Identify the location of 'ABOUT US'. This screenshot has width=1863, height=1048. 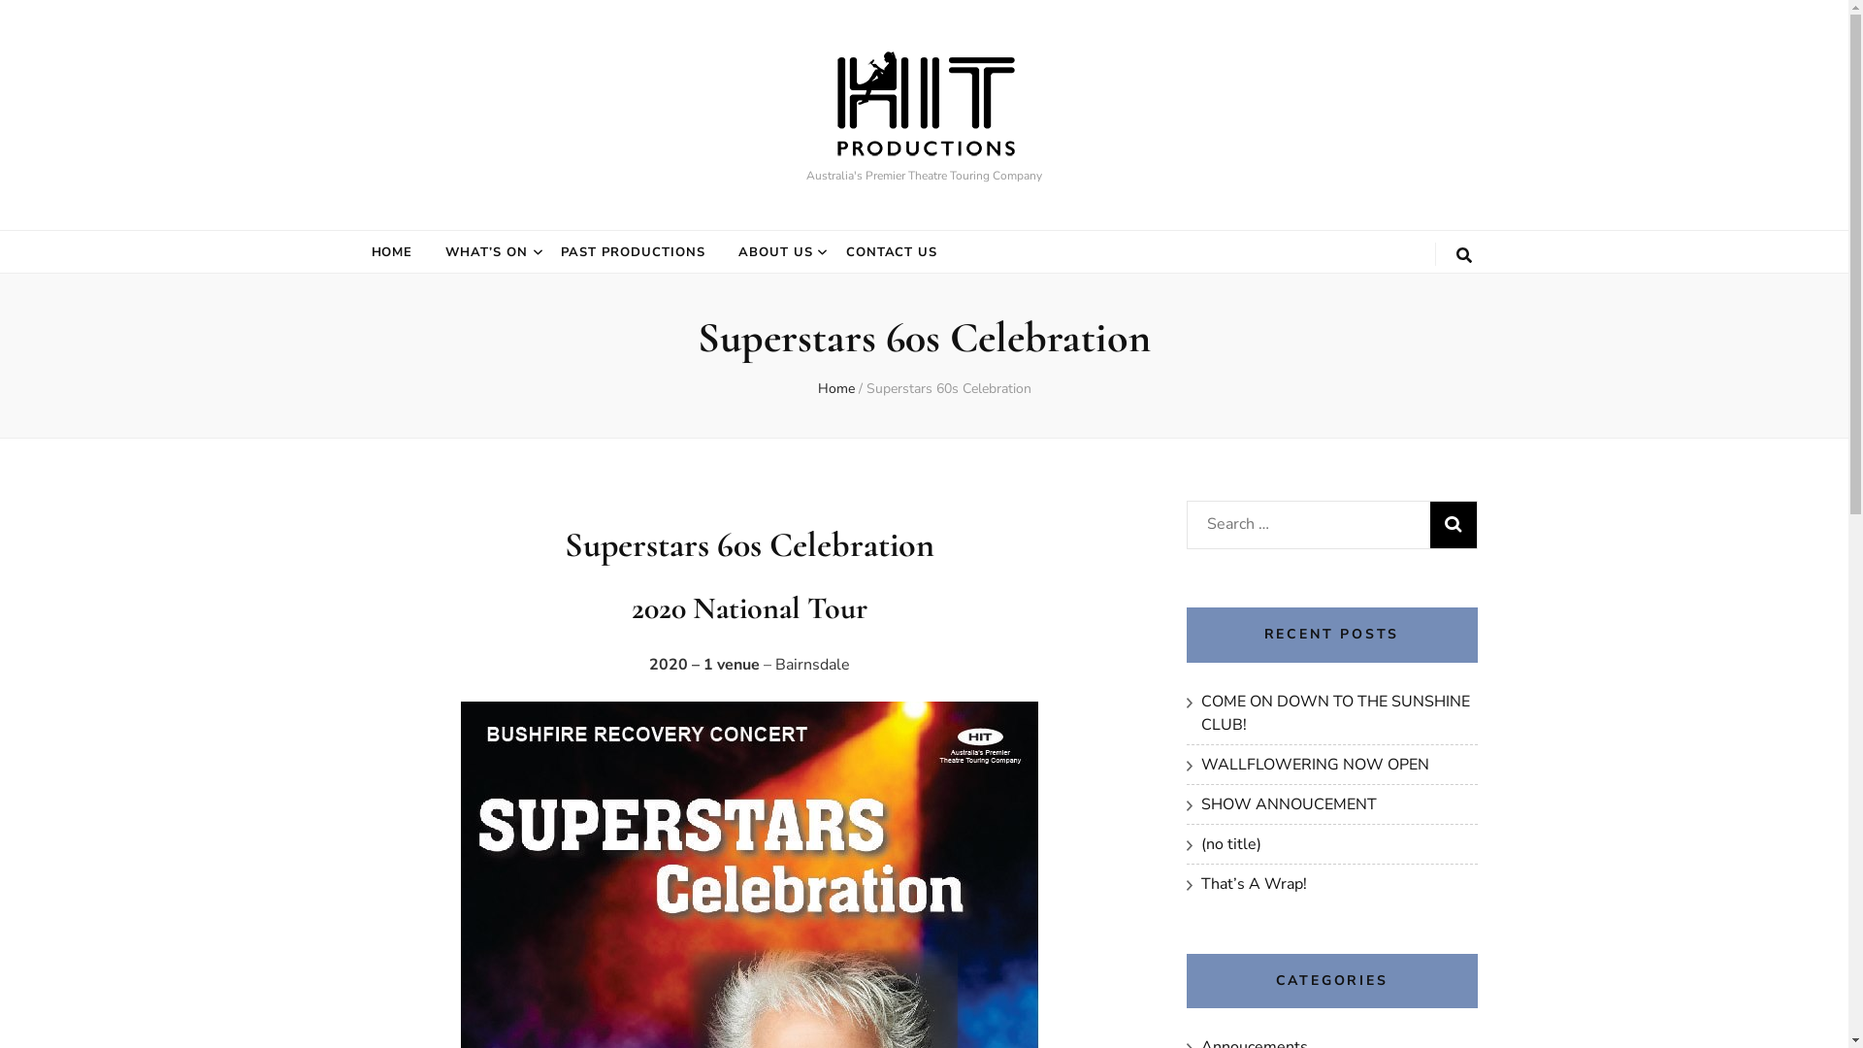
(774, 250).